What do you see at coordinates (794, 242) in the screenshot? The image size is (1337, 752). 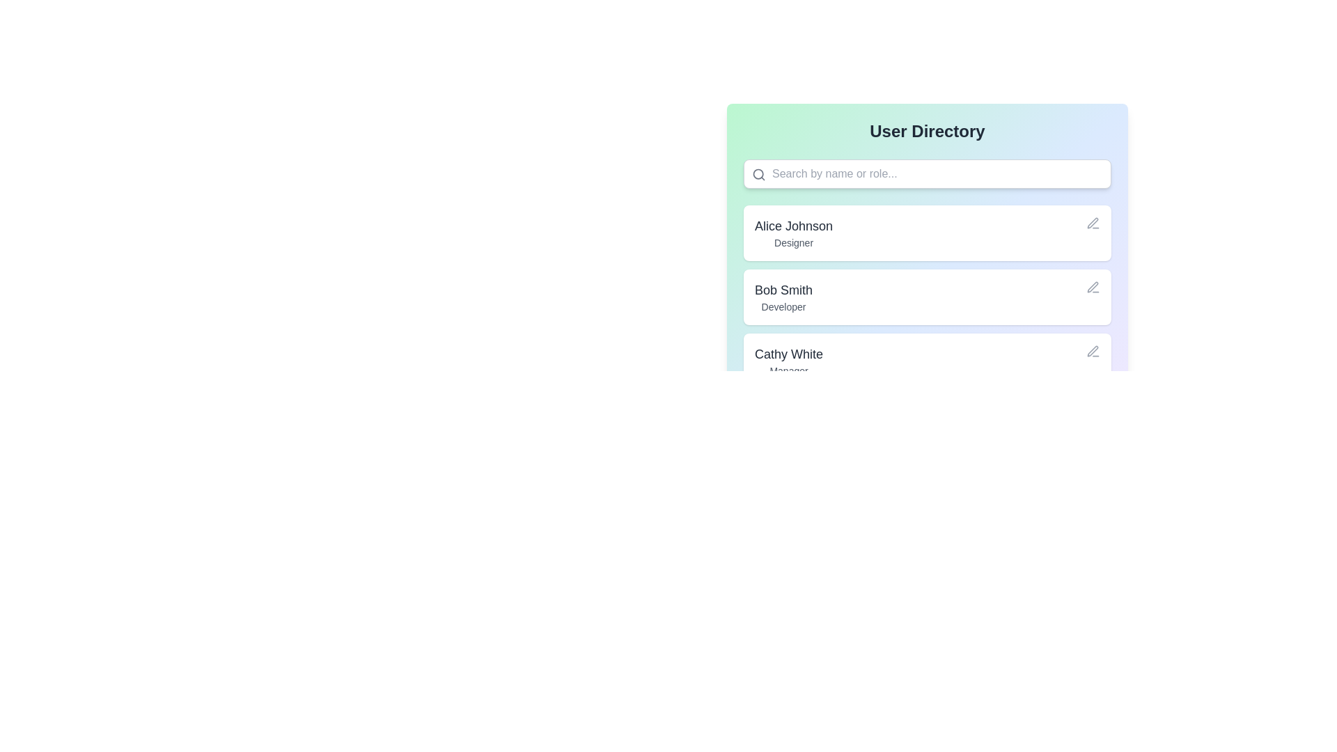 I see `the static text label that identifies the professional role or job title of the user 'Alice Johnson' located below the name in the user directory` at bounding box center [794, 242].